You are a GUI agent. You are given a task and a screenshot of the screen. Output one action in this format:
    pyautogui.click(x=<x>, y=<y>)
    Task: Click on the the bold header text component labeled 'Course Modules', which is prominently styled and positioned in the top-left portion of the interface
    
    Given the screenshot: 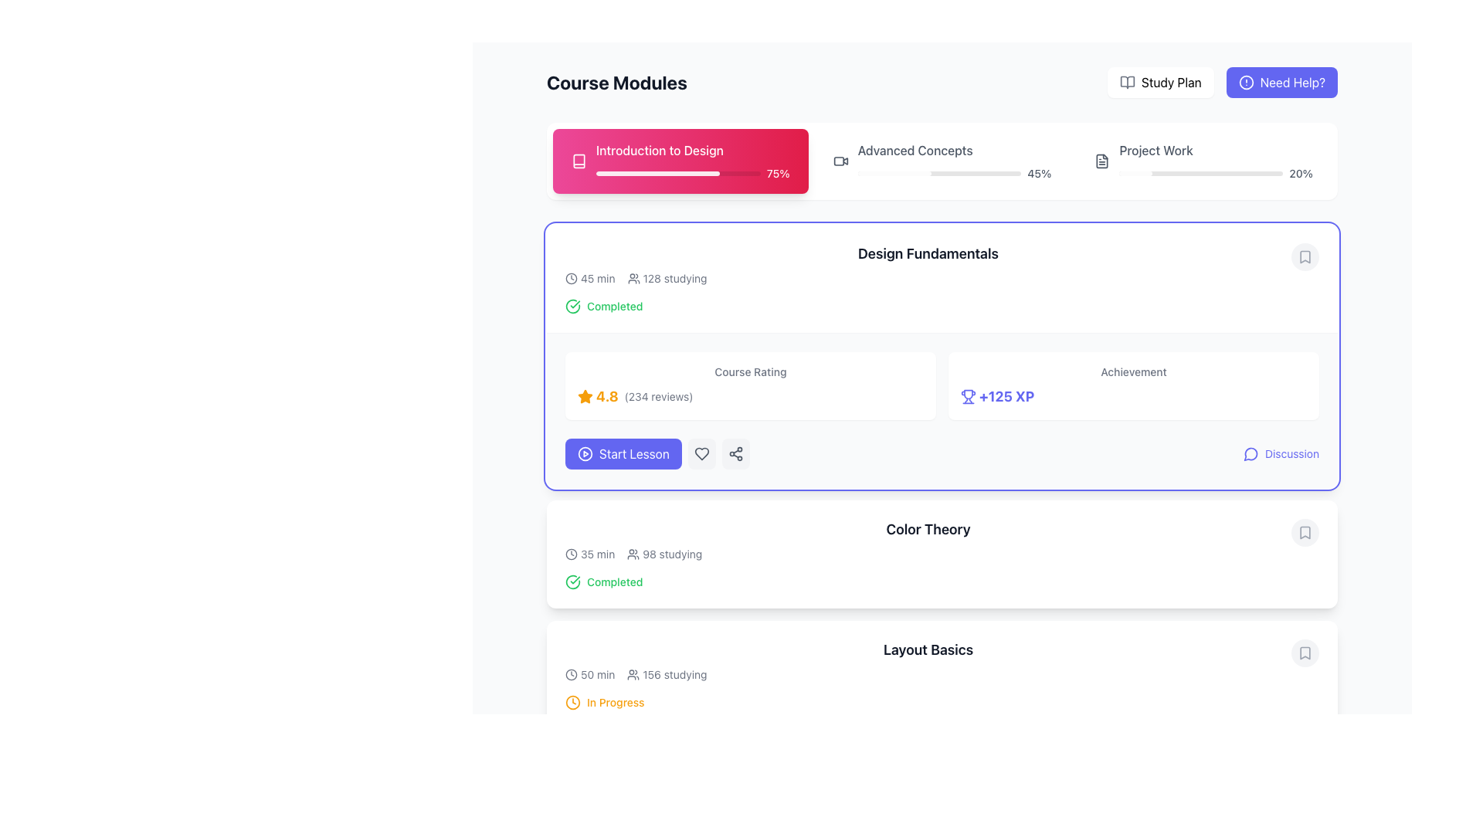 What is the action you would take?
    pyautogui.click(x=616, y=83)
    